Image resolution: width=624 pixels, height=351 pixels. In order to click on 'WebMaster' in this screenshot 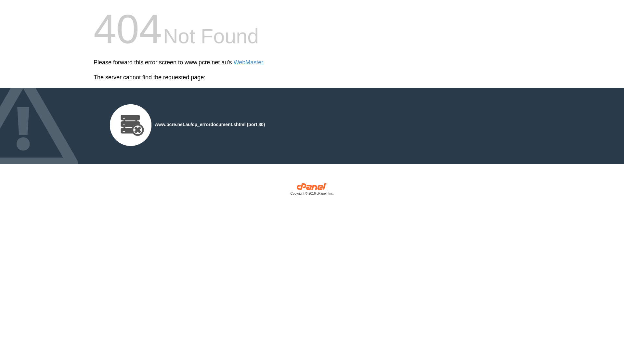, I will do `click(248, 62)`.